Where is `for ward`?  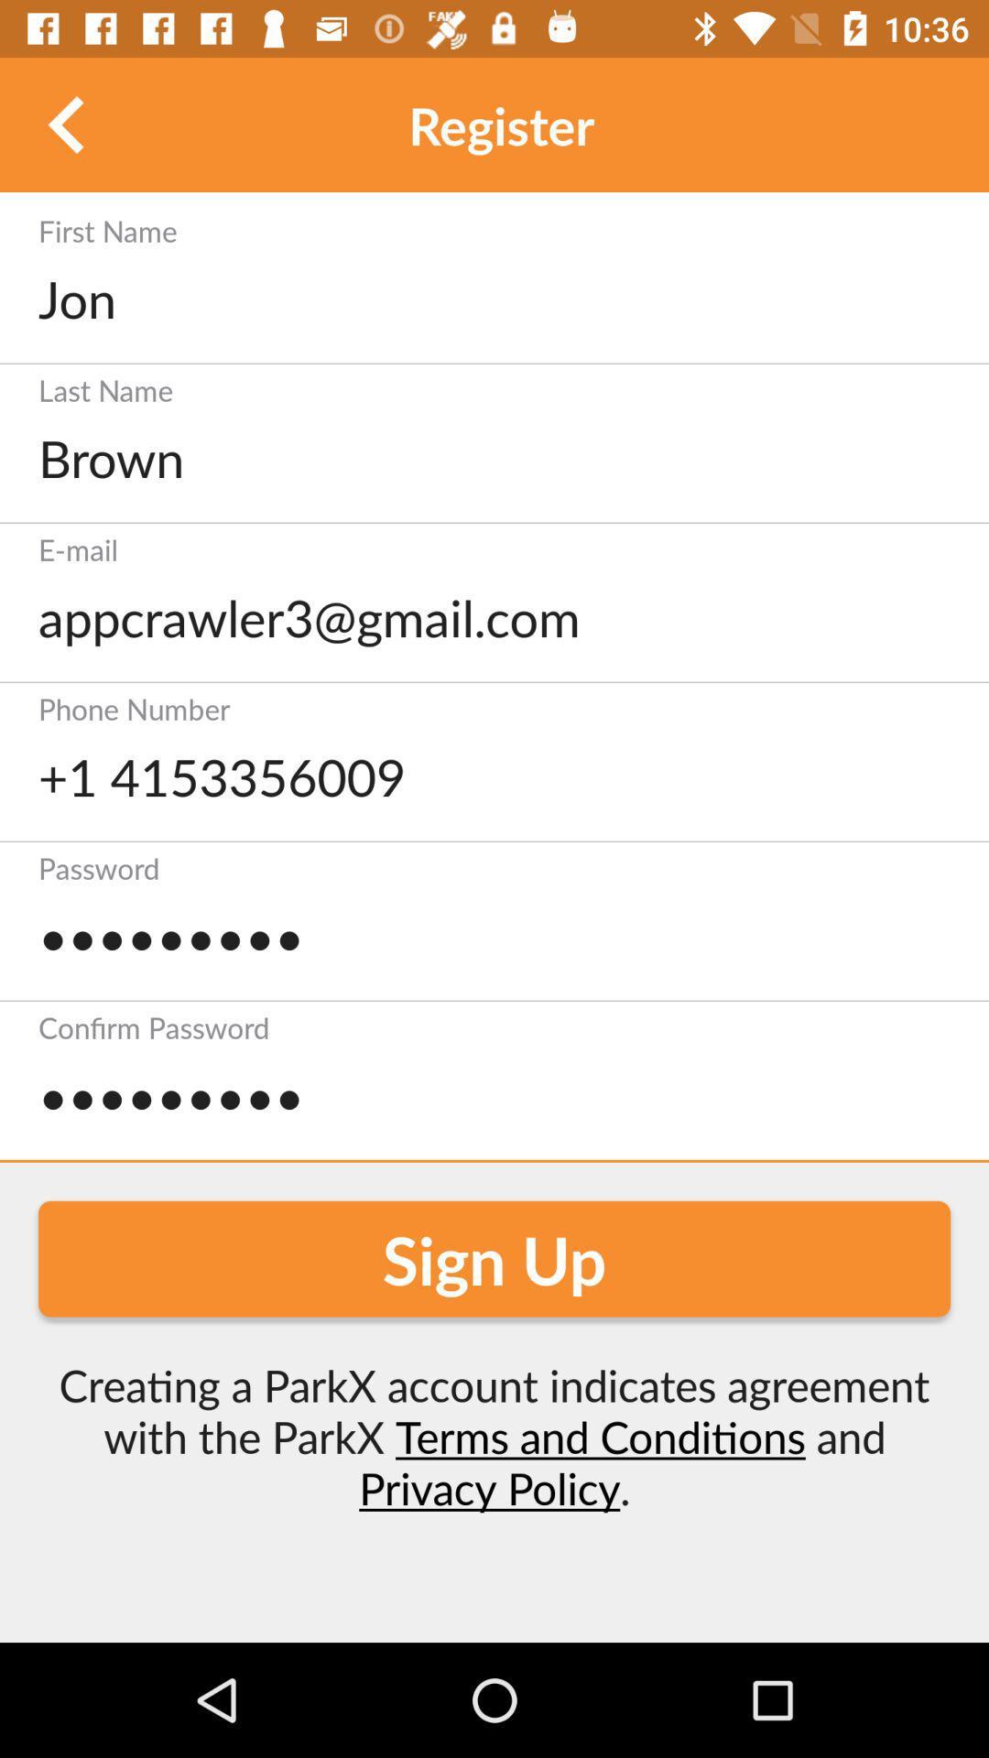
for ward is located at coordinates (66, 124).